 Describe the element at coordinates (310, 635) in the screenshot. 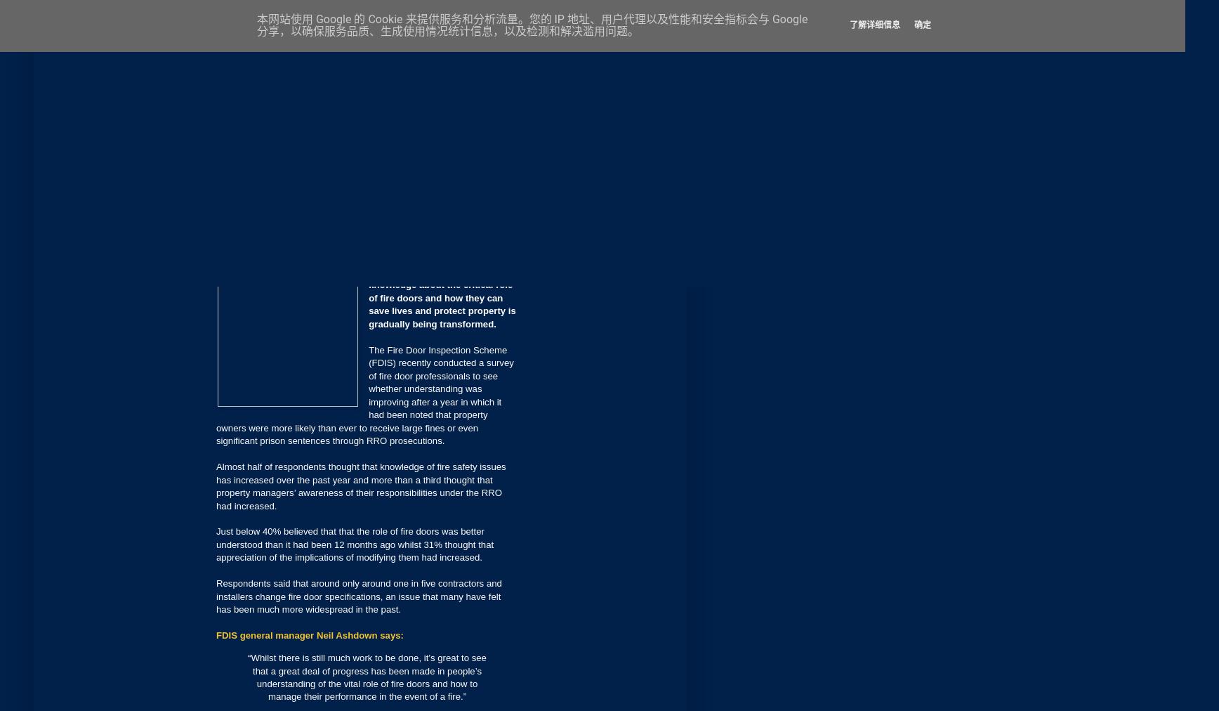

I see `'FDIS general manager Neil Ashdown says:'` at that location.